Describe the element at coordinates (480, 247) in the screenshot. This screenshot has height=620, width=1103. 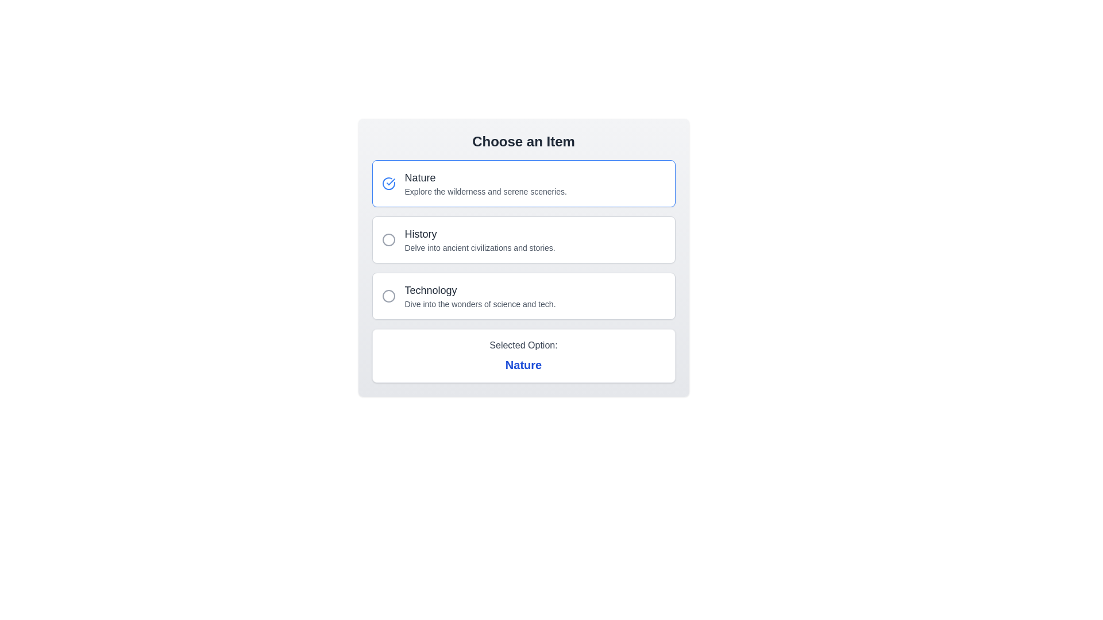
I see `the descriptive text label located beneath the 'History' title in the vertically stacked list of options` at that location.